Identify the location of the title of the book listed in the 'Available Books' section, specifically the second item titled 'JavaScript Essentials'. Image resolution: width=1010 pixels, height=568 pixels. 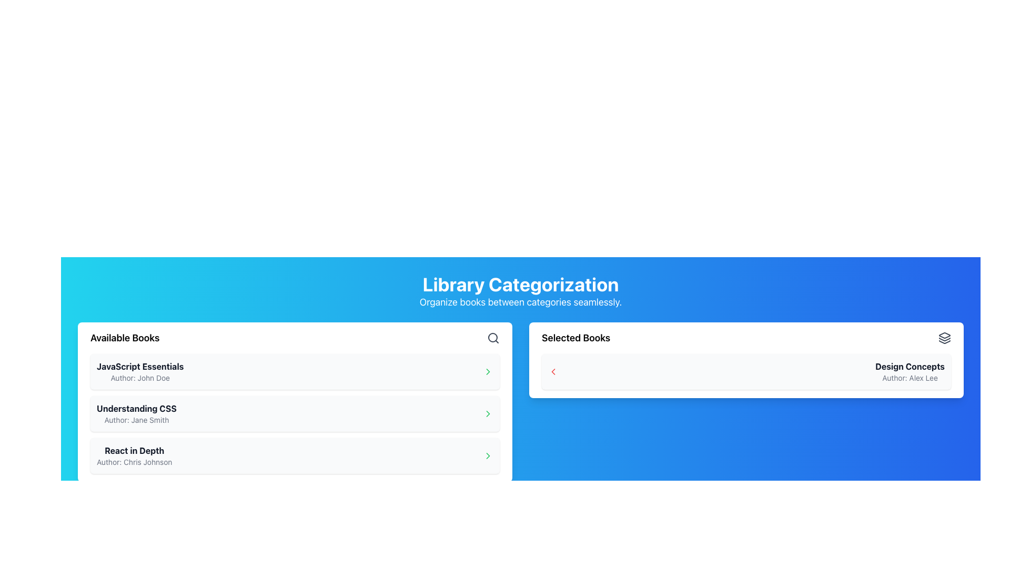
(136, 408).